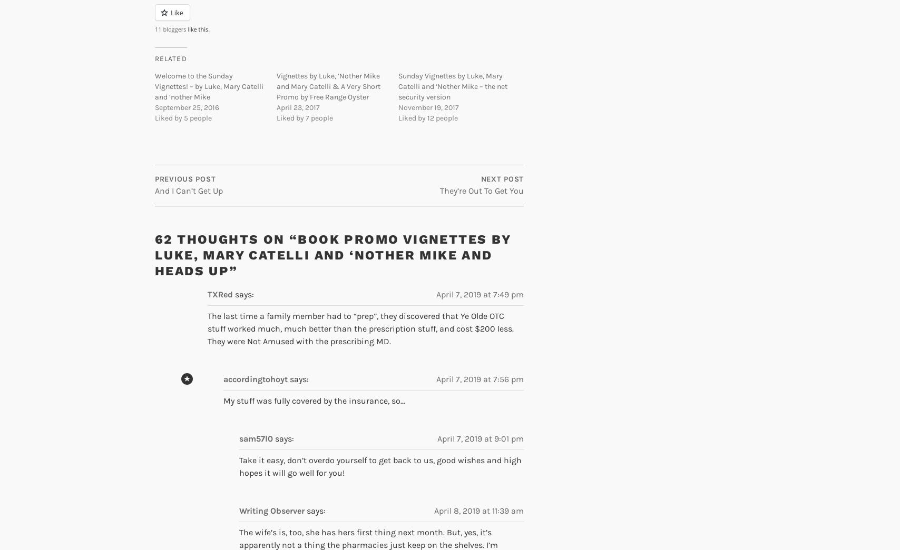  I want to click on 'TXRed', so click(208, 294).